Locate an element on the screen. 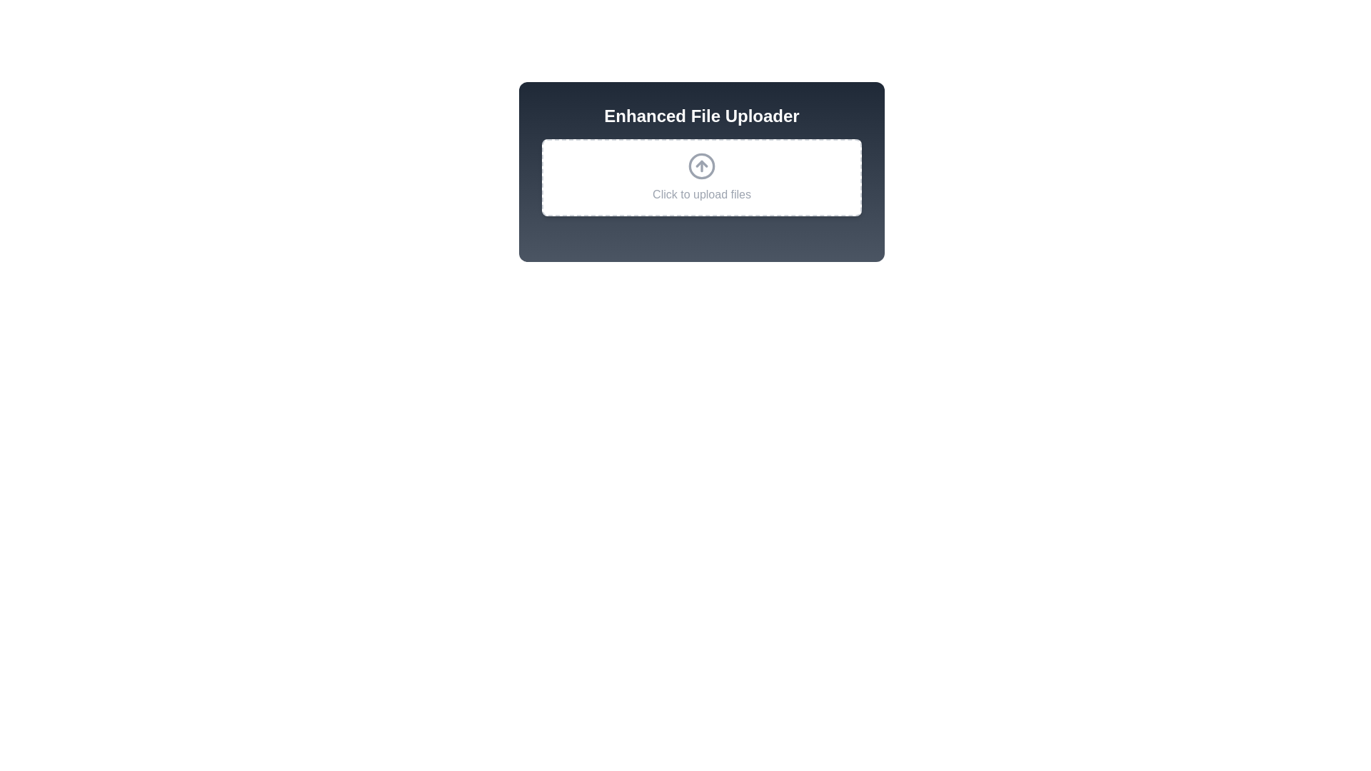 The width and height of the screenshot is (1371, 771). the interactive placeholder for file upload, which features a dashed border and contains an upload icon and descriptive text is located at coordinates (702, 177).